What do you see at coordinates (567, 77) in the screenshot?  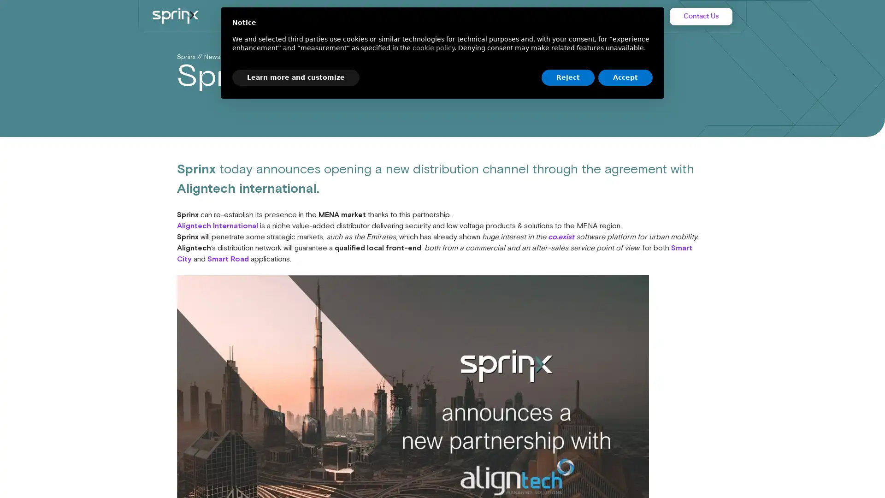 I see `Reject` at bounding box center [567, 77].